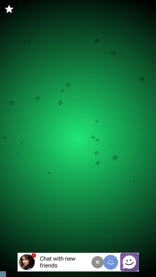  Describe the element at coordinates (9, 9) in the screenshot. I see `favorite` at that location.